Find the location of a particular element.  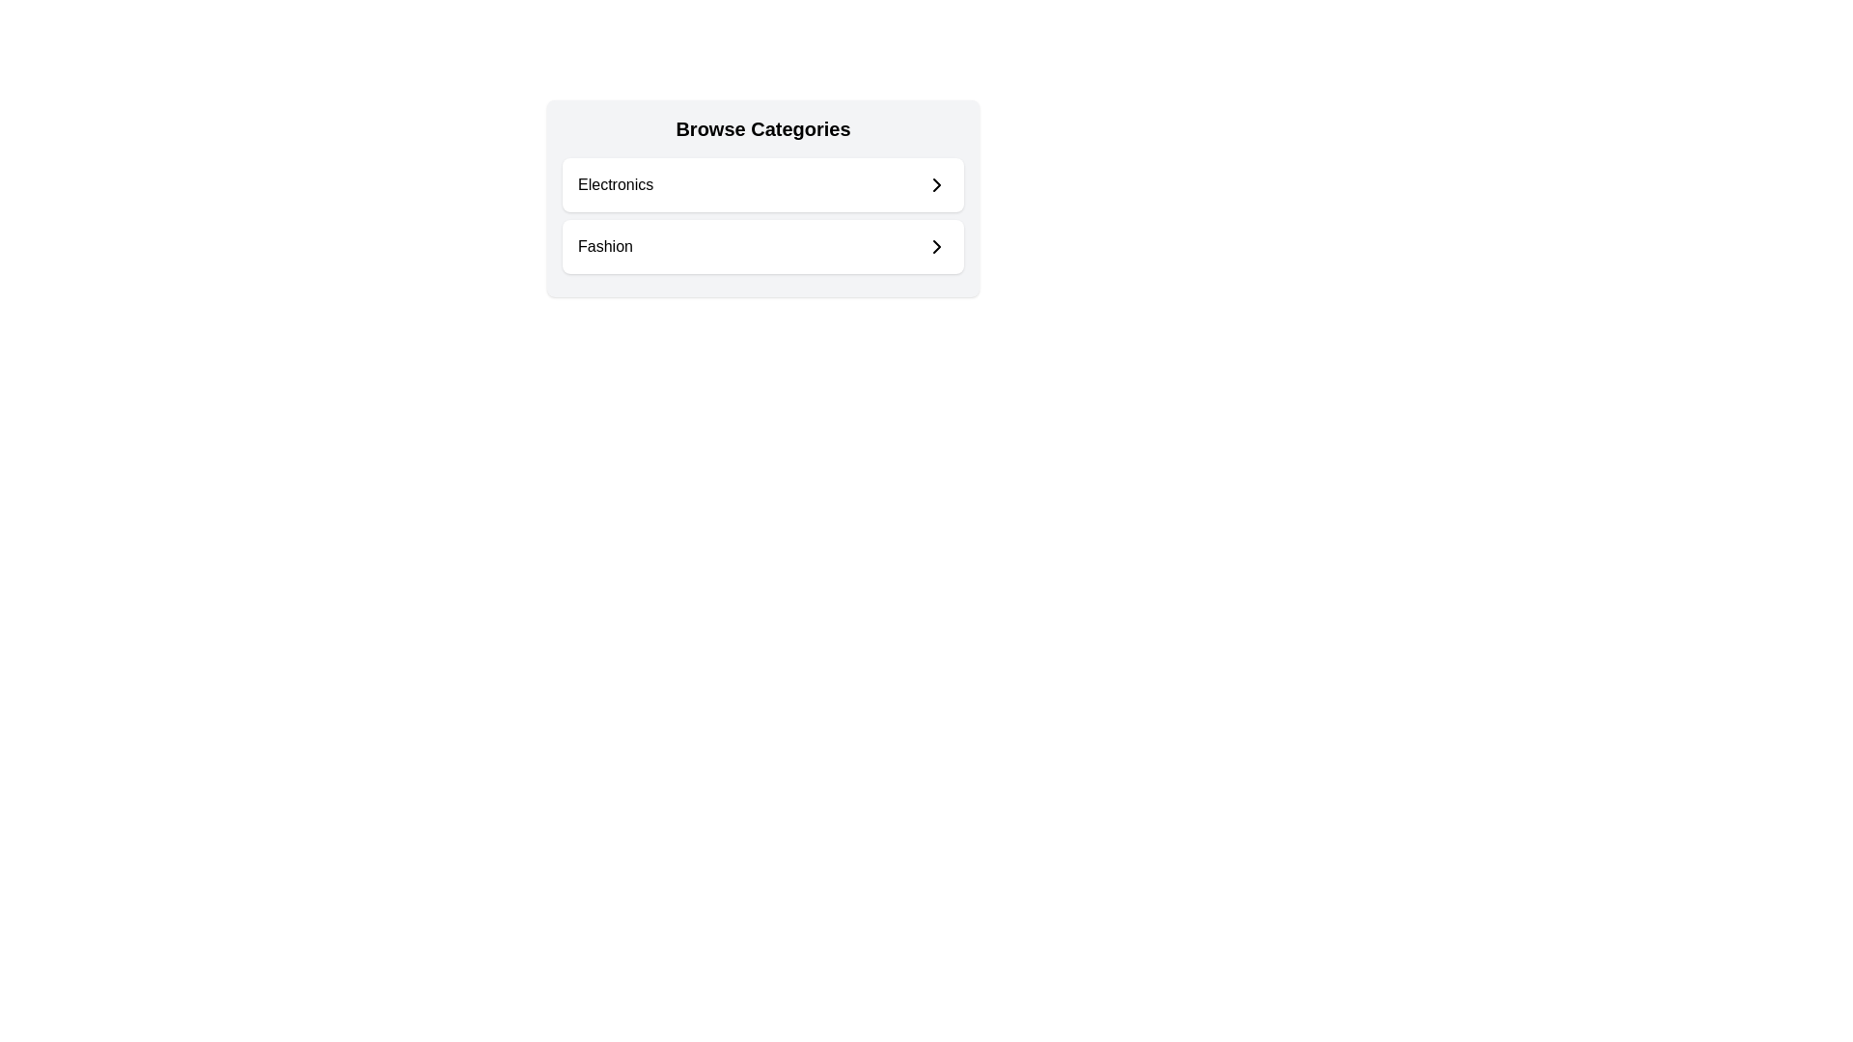

the rightward arrow icon with a thin black outline located in the second row of the 'Browse Categories' list, aligned with the 'Fashion' row is located at coordinates (936, 245).